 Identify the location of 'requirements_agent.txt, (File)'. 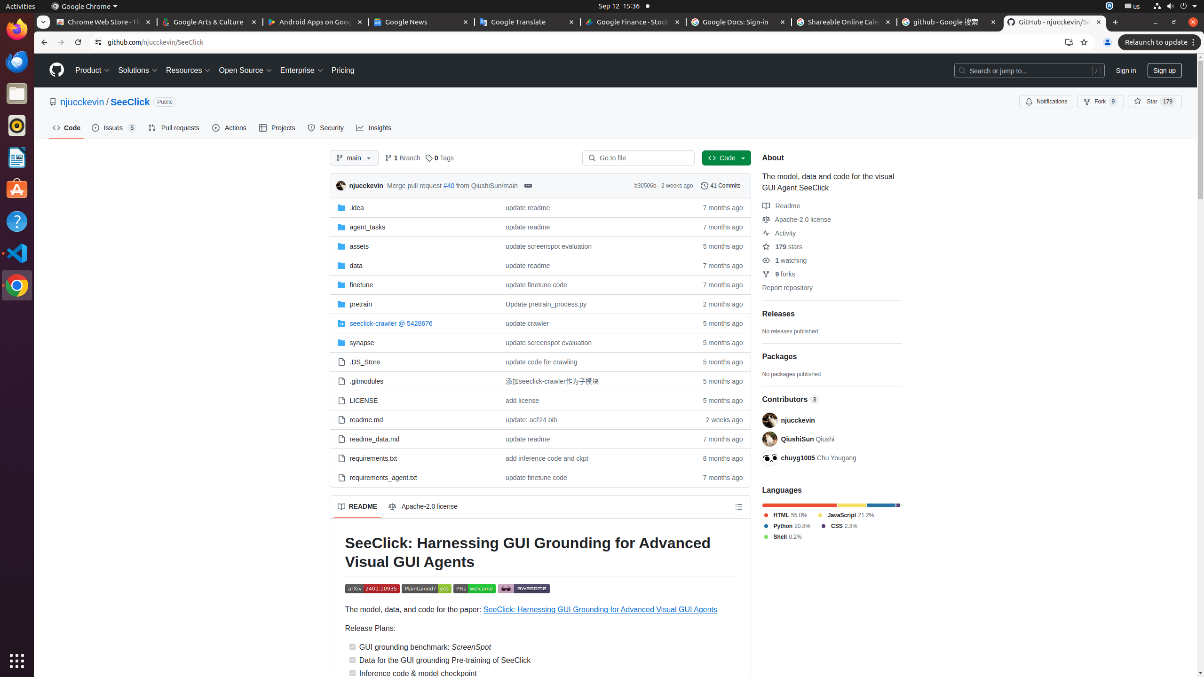
(383, 477).